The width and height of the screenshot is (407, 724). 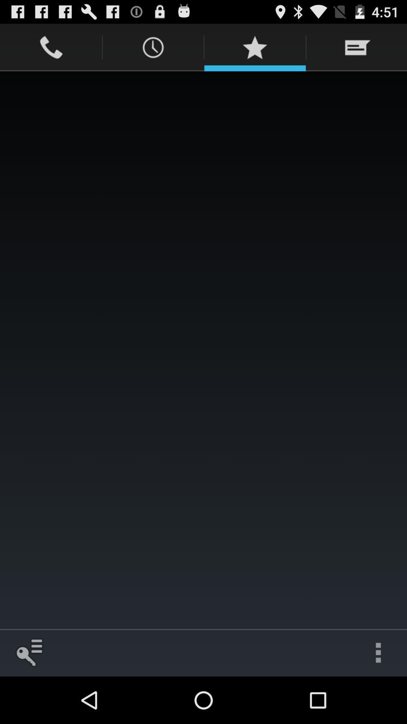 What do you see at coordinates (378, 652) in the screenshot?
I see `the icon at the bottom right corner` at bounding box center [378, 652].